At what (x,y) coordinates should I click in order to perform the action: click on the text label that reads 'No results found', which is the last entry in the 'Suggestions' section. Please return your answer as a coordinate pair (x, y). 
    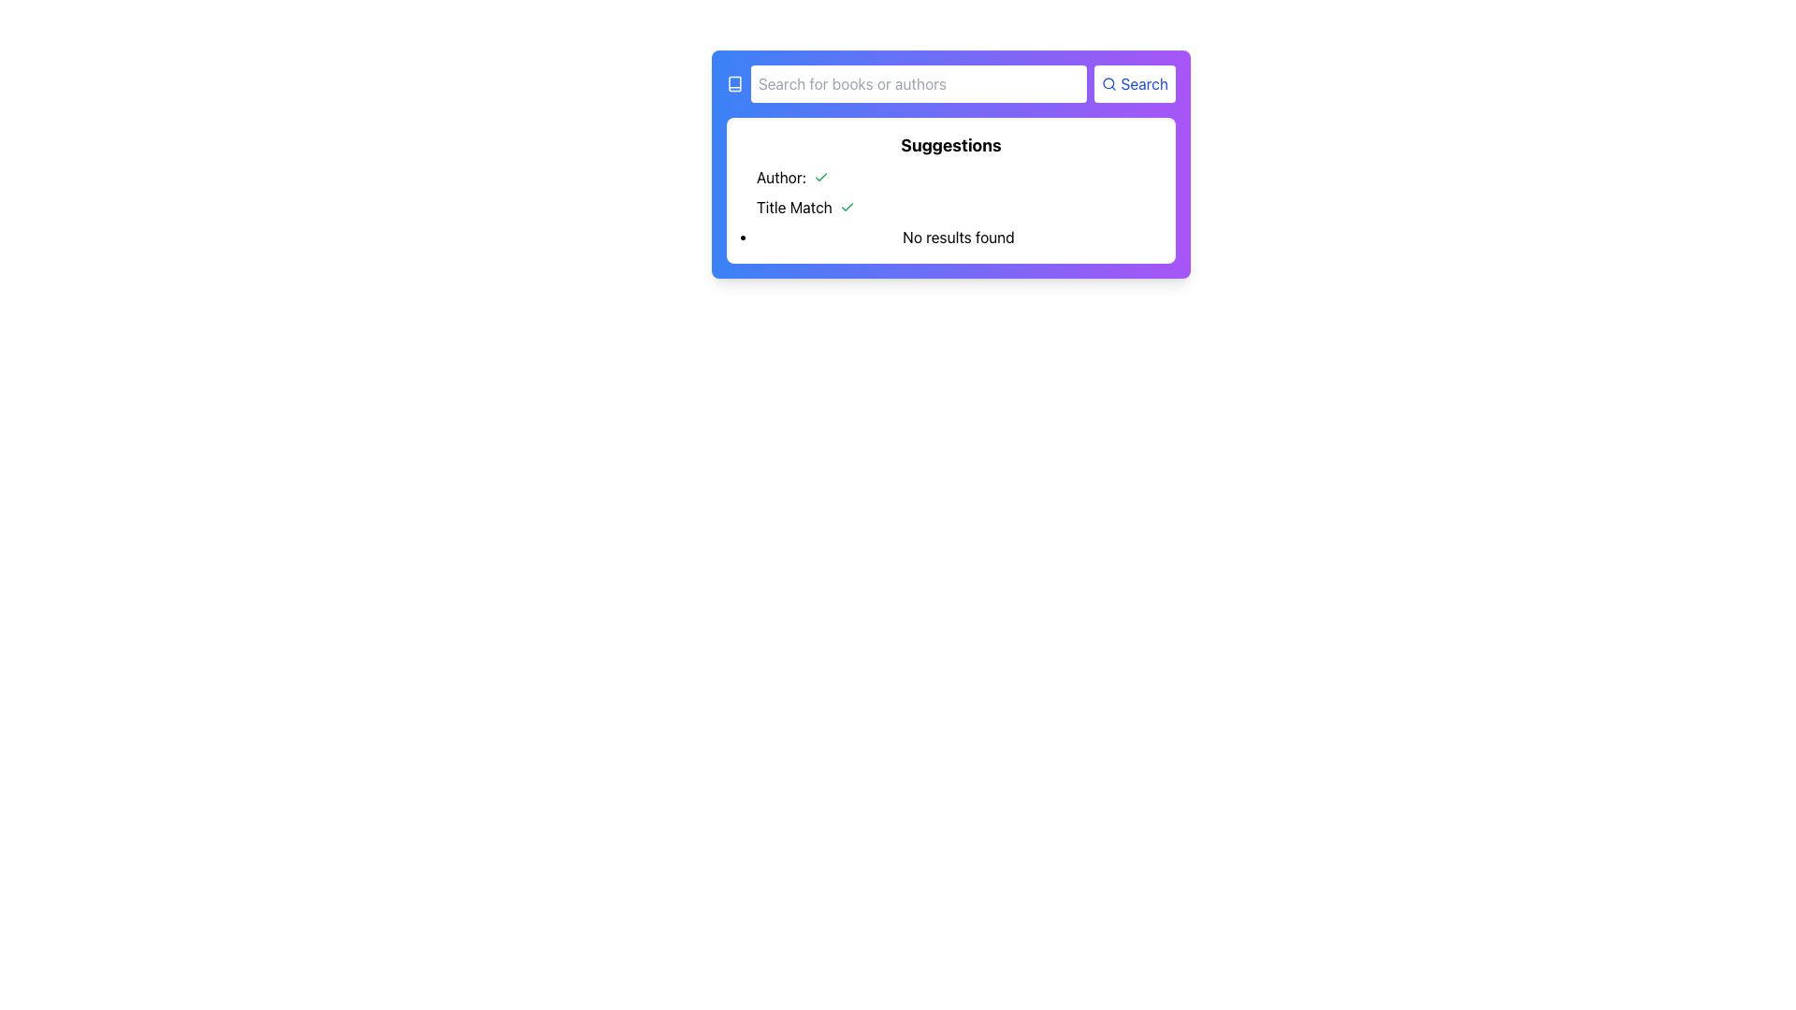
    Looking at the image, I should click on (959, 237).